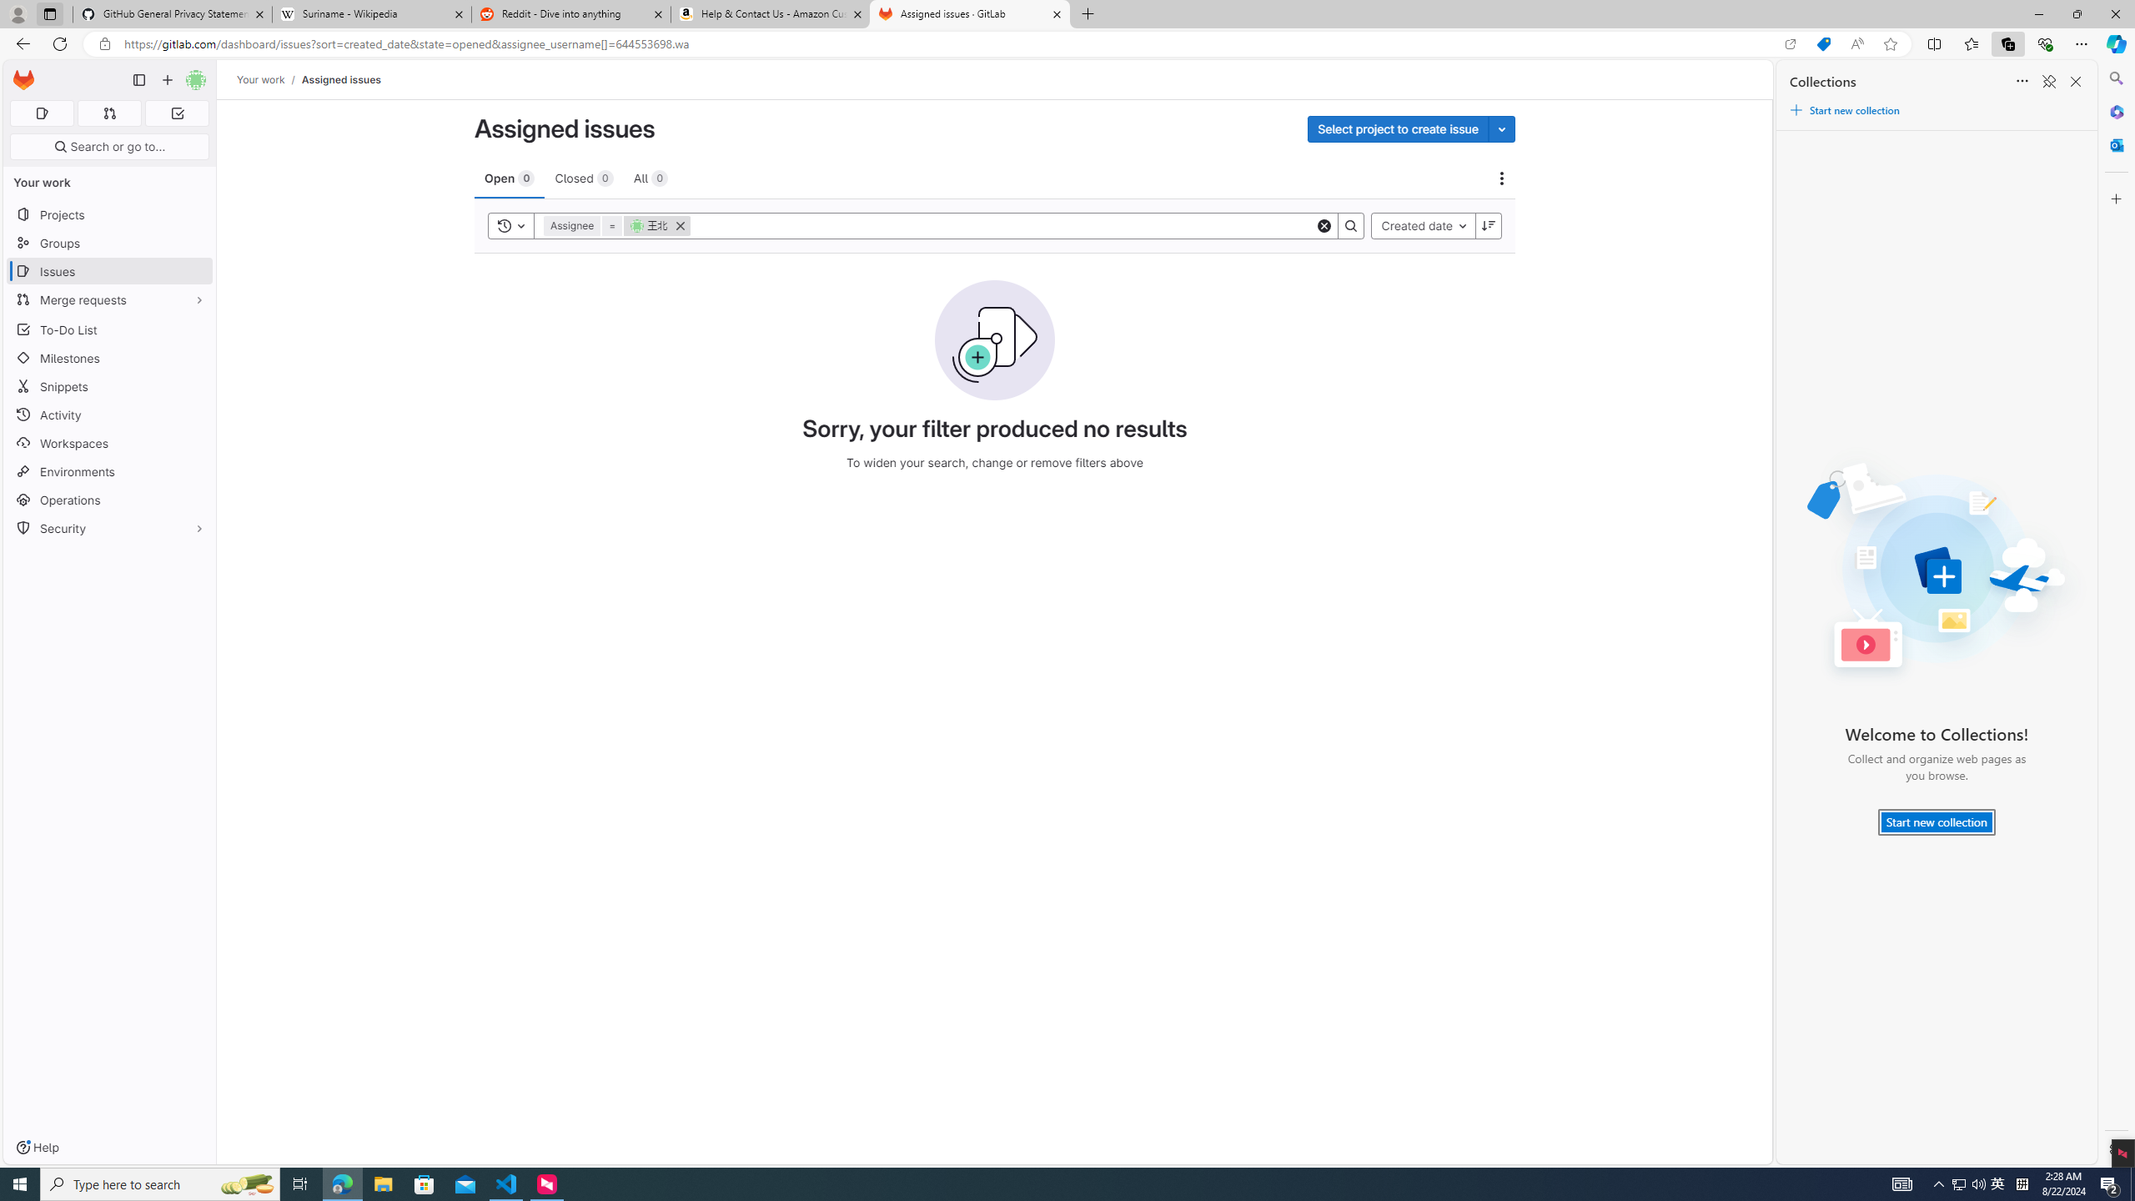 This screenshot has width=2135, height=1201. What do you see at coordinates (571, 13) in the screenshot?
I see `'Reddit - Dive into anything'` at bounding box center [571, 13].